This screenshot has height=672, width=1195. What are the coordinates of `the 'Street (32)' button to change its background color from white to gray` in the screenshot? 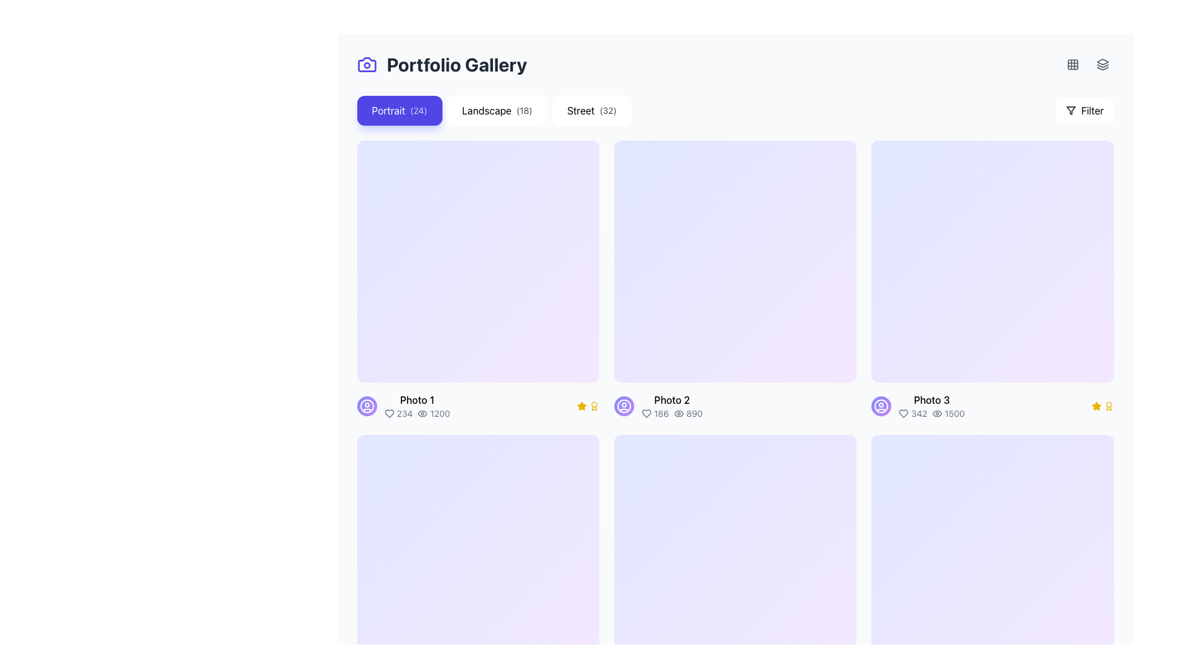 It's located at (591, 110).